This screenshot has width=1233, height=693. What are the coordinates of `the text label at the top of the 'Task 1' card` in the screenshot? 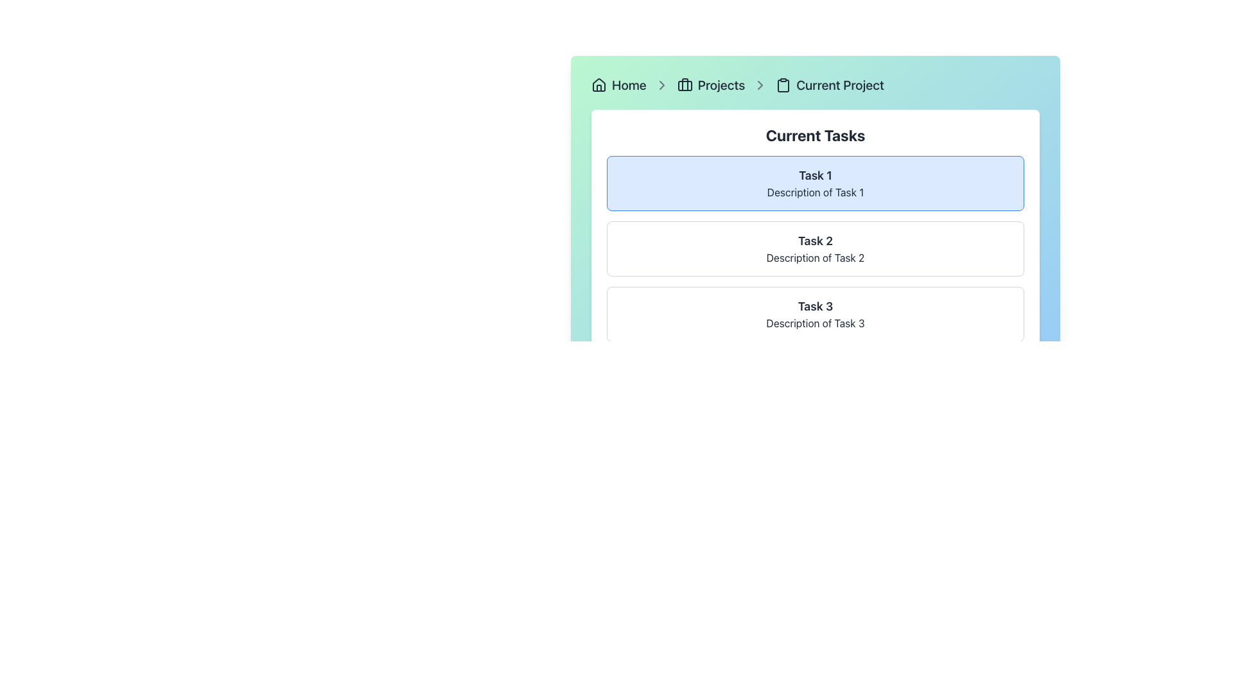 It's located at (815, 175).